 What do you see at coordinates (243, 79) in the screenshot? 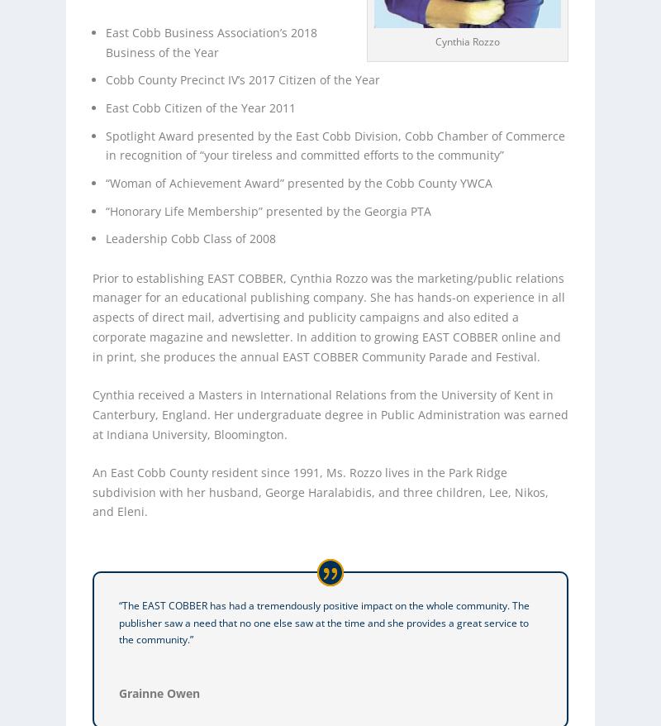
I see `'Cobb County Precinct IV’s 2017 Citizen of the Year'` at bounding box center [243, 79].